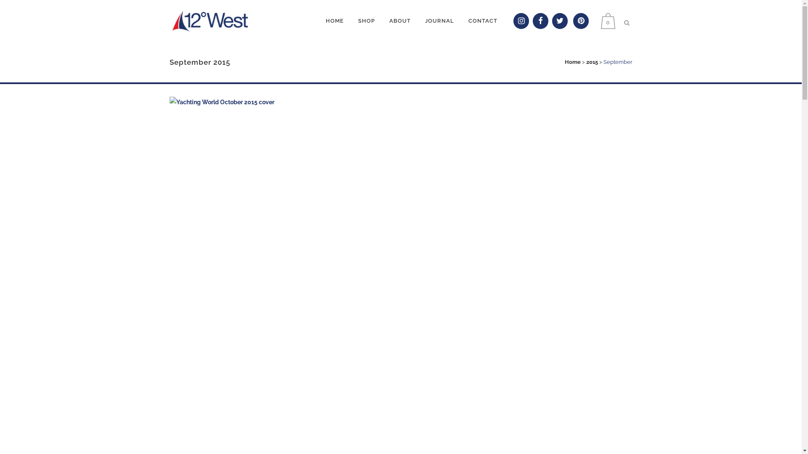 The width and height of the screenshot is (808, 454). Describe the element at coordinates (585, 61) in the screenshot. I see `'2015'` at that location.